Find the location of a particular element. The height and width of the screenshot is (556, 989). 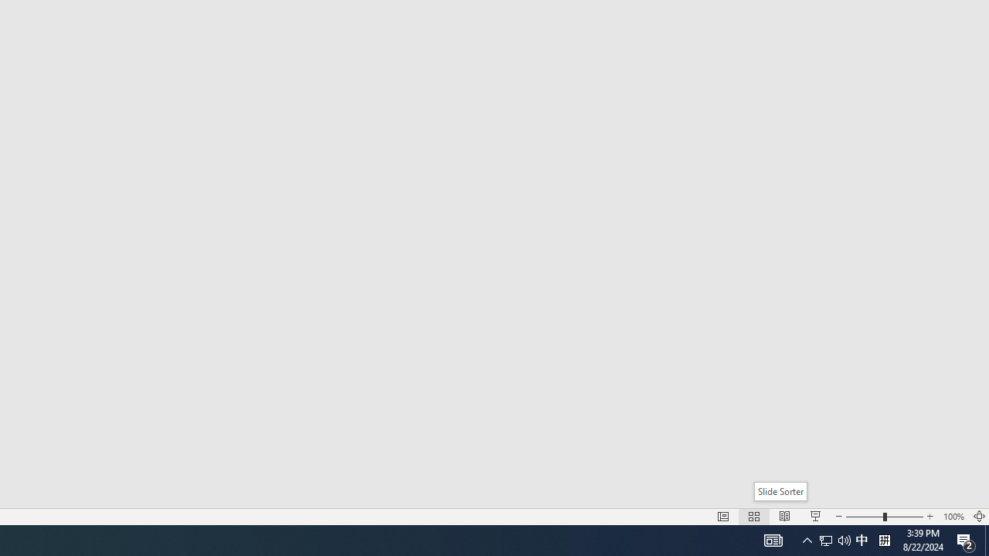

'Zoom 100%' is located at coordinates (953, 517).